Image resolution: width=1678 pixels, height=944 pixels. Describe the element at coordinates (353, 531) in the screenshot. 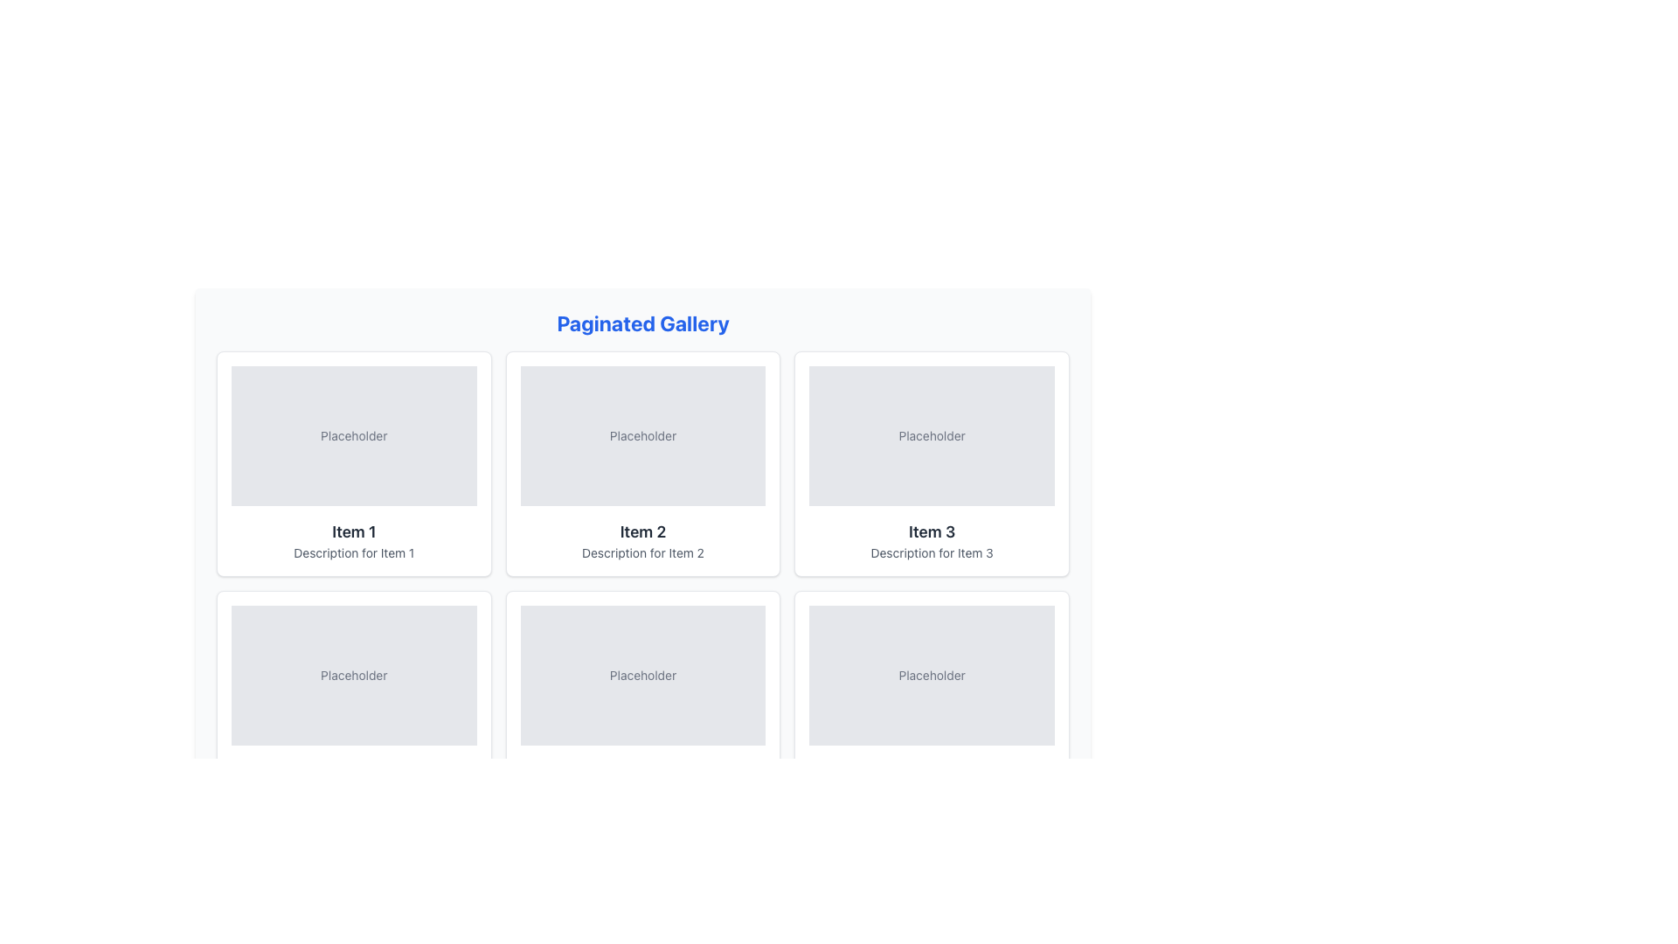

I see `the text label displaying 'Item 1', which is styled in a bold serif font and positioned within a card, located below a placeholder image and above the description text` at that location.